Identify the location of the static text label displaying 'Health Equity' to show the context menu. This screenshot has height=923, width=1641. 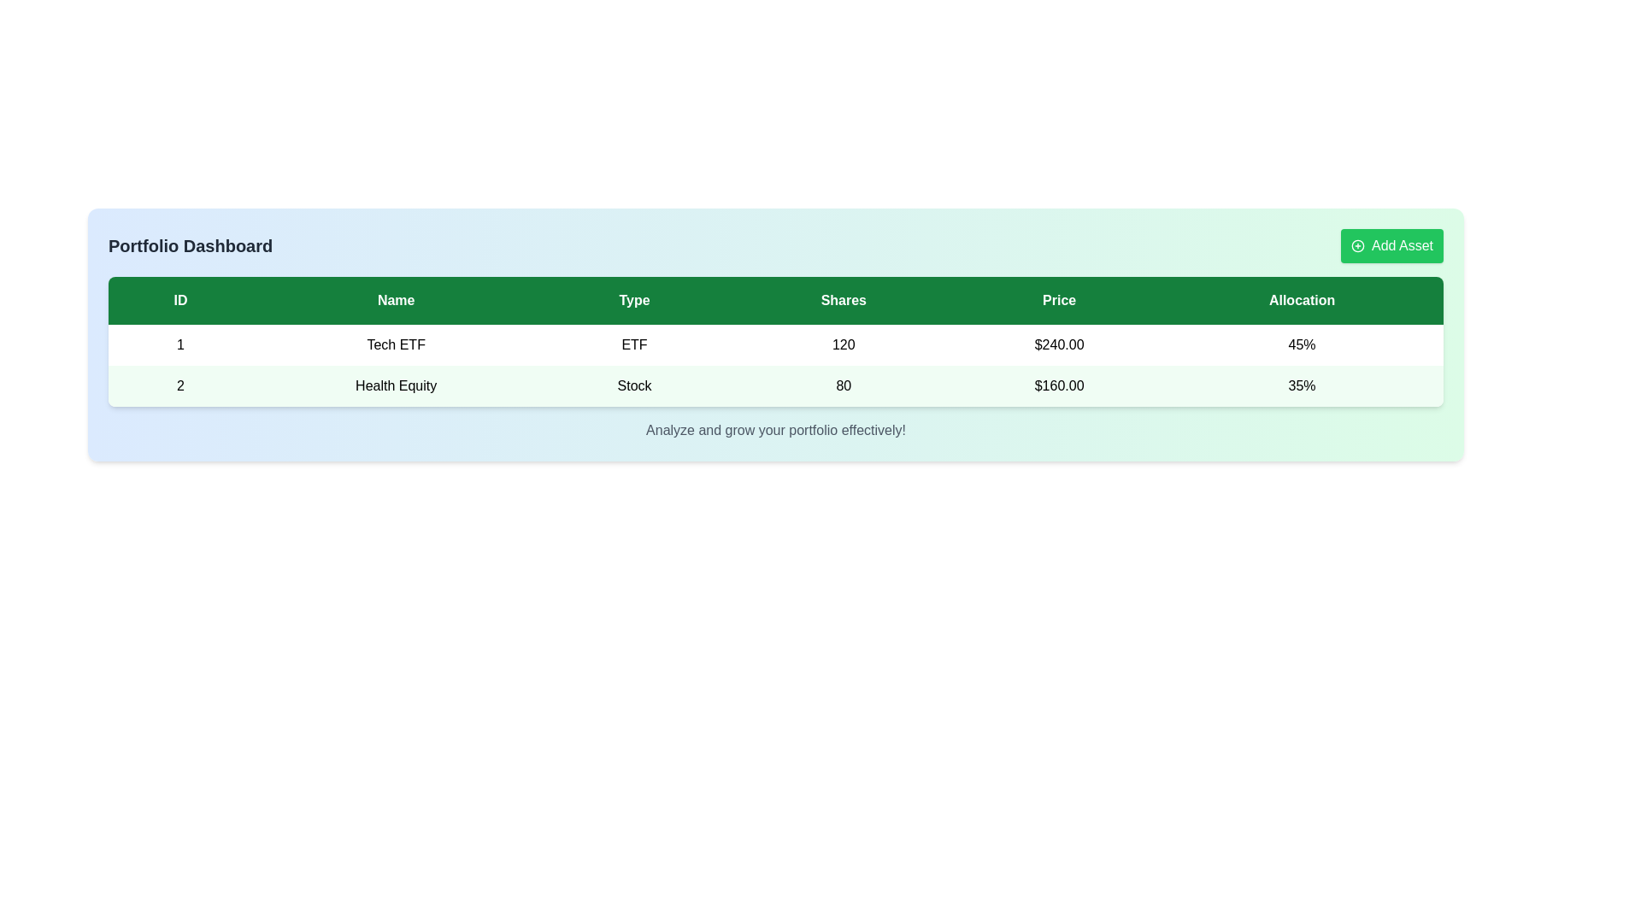
(395, 385).